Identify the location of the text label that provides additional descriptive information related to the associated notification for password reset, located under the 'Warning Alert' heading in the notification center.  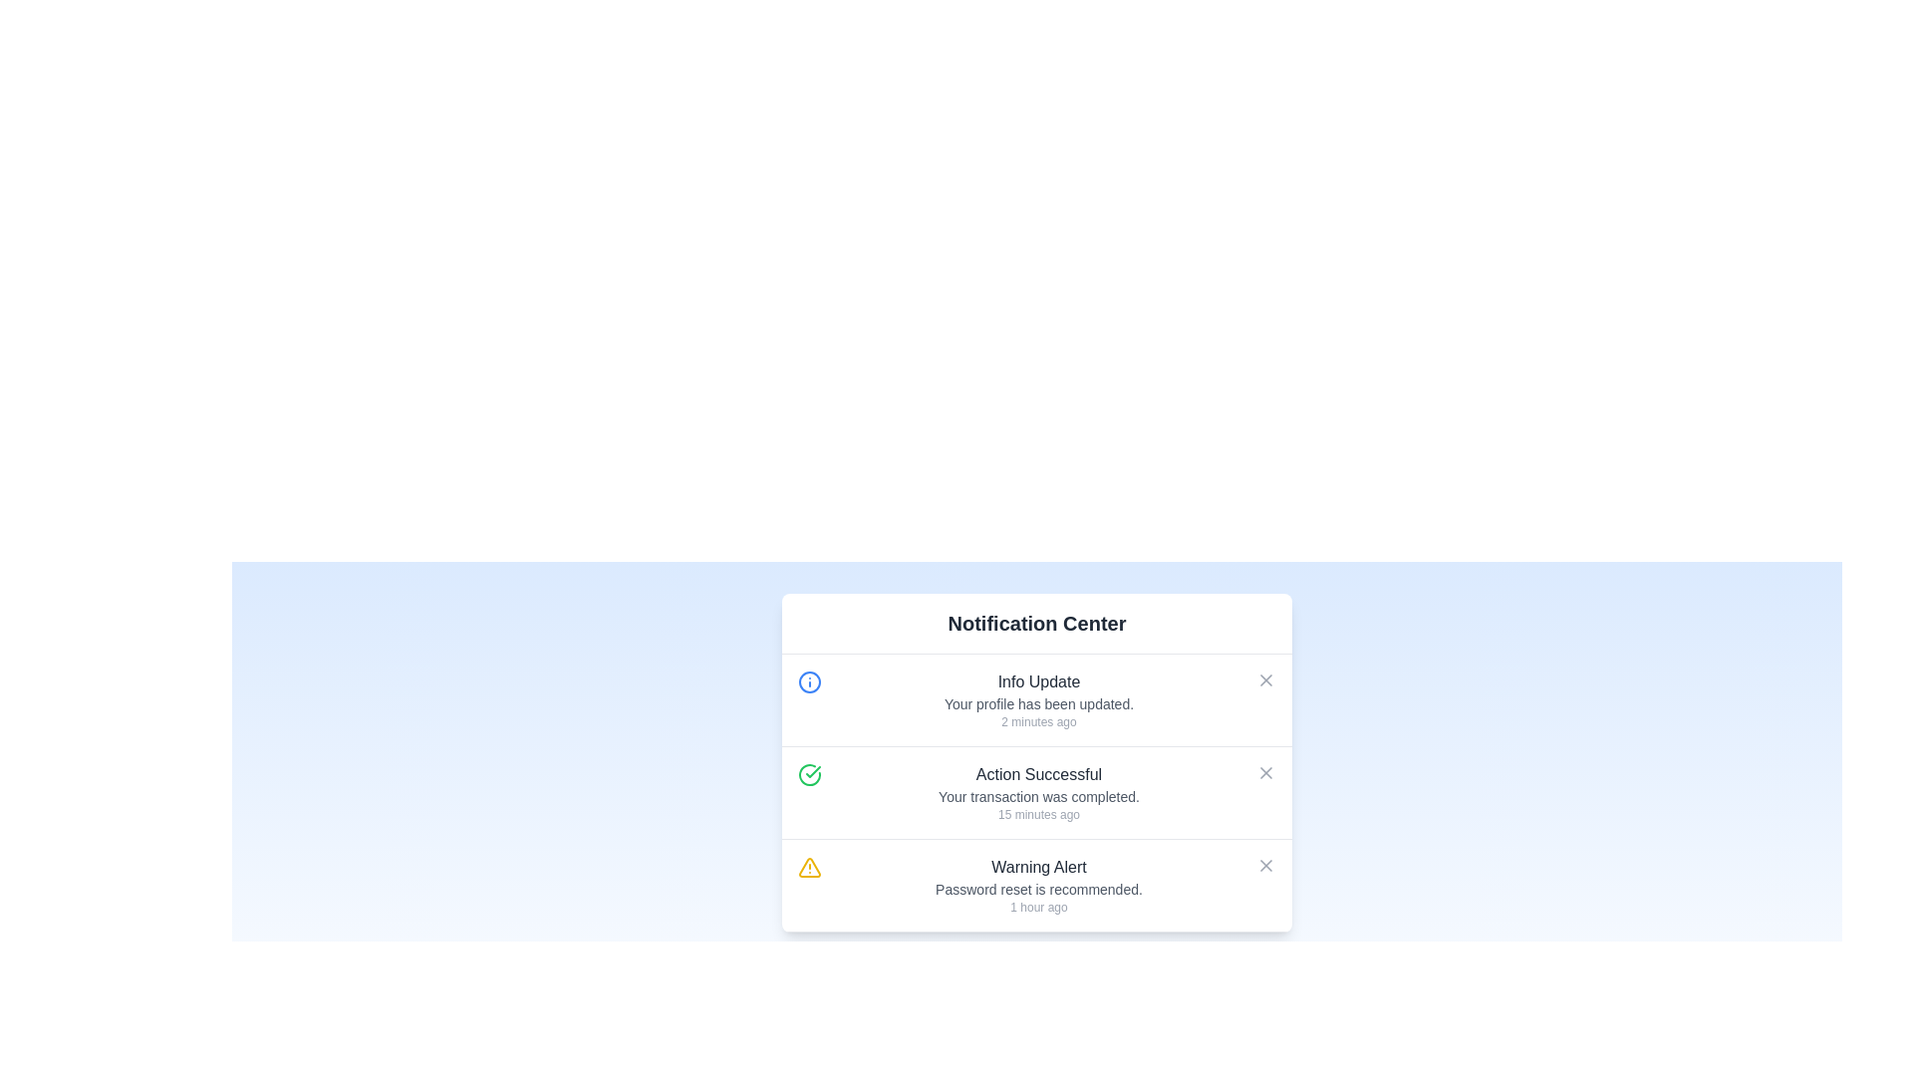
(1037, 889).